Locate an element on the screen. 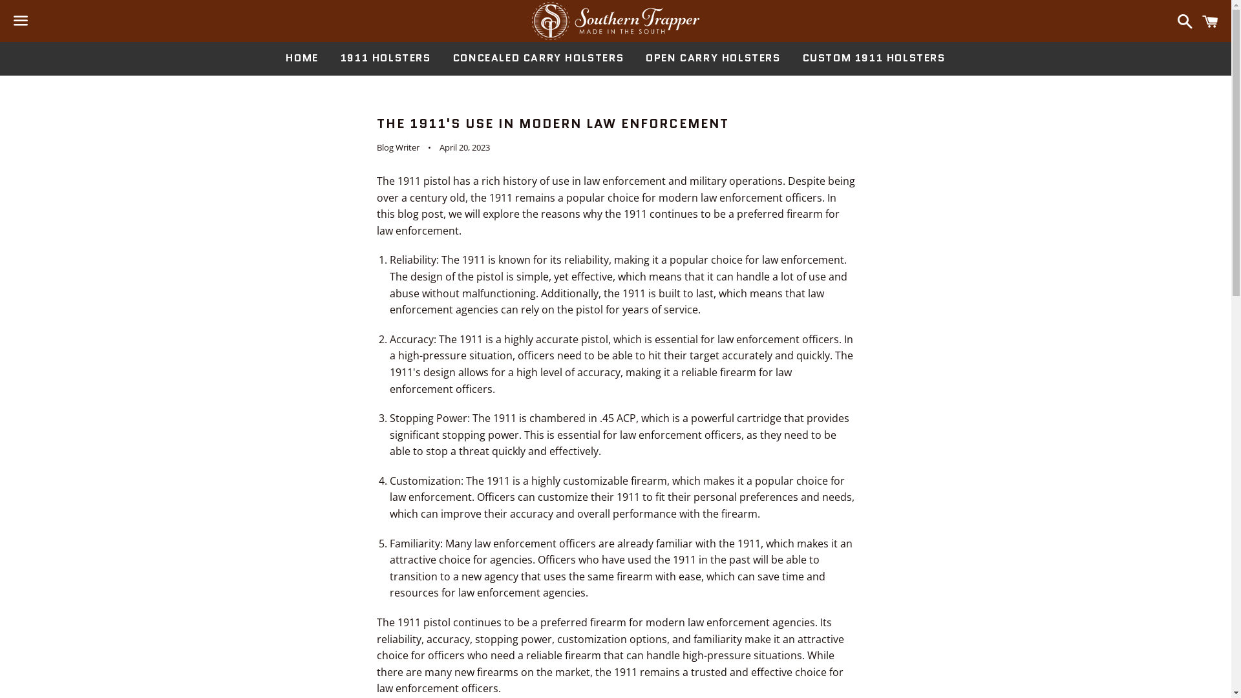  '1911 HOLSTERS' is located at coordinates (385, 57).